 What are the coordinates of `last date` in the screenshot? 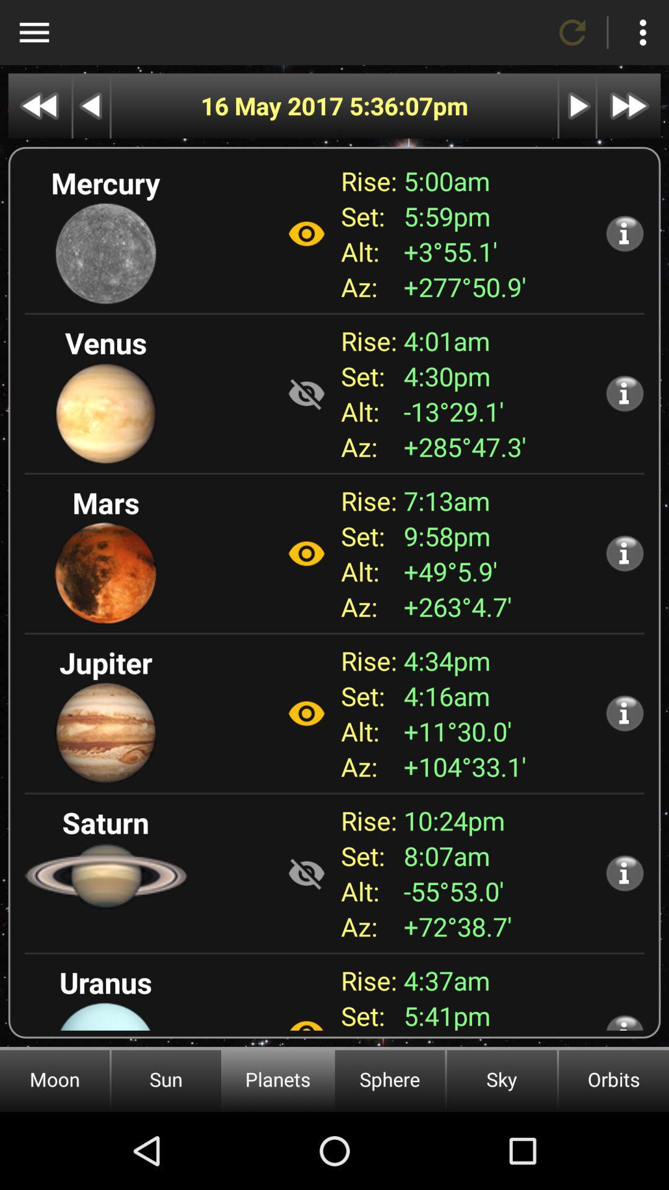 It's located at (629, 106).